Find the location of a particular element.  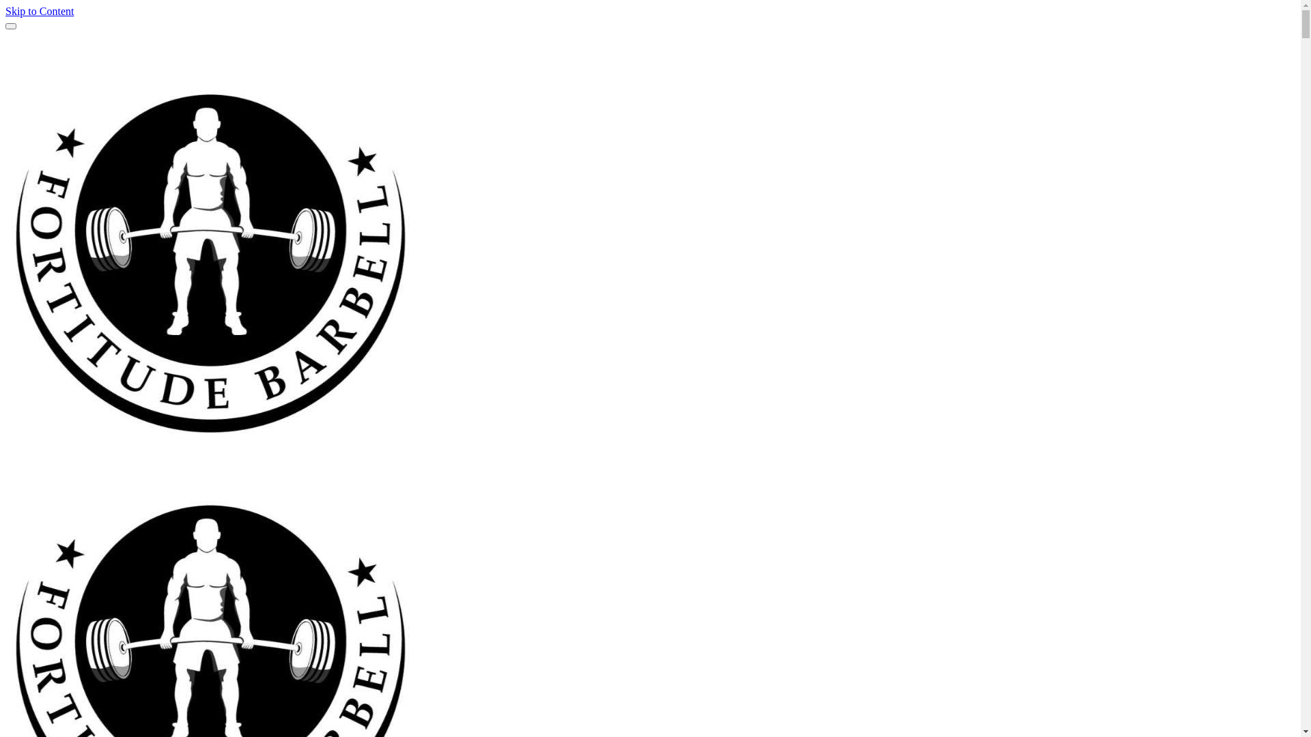

'Skip to Content' is located at coordinates (39, 11).